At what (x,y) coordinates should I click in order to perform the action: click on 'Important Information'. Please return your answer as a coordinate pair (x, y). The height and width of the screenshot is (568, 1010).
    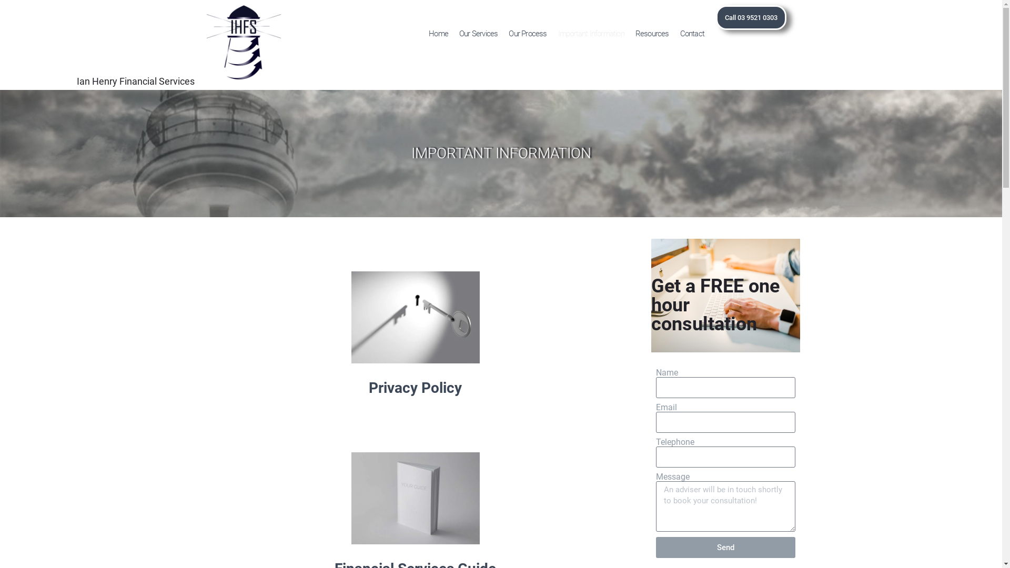
    Looking at the image, I should click on (591, 33).